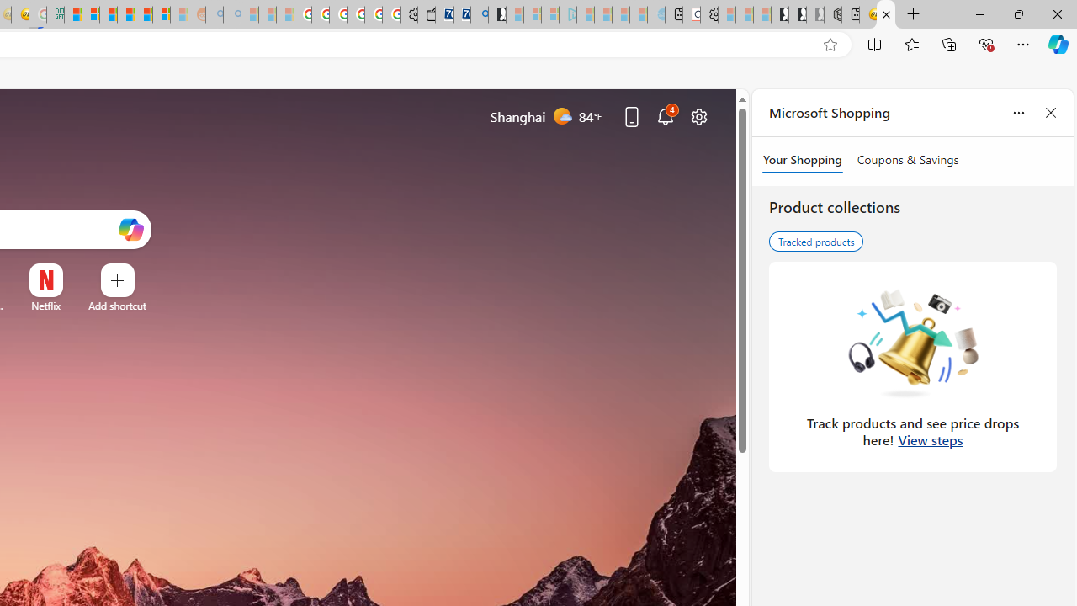  Describe the element at coordinates (478, 14) in the screenshot. I see `'Bing Real Estate - Home sales and rental listings'` at that location.